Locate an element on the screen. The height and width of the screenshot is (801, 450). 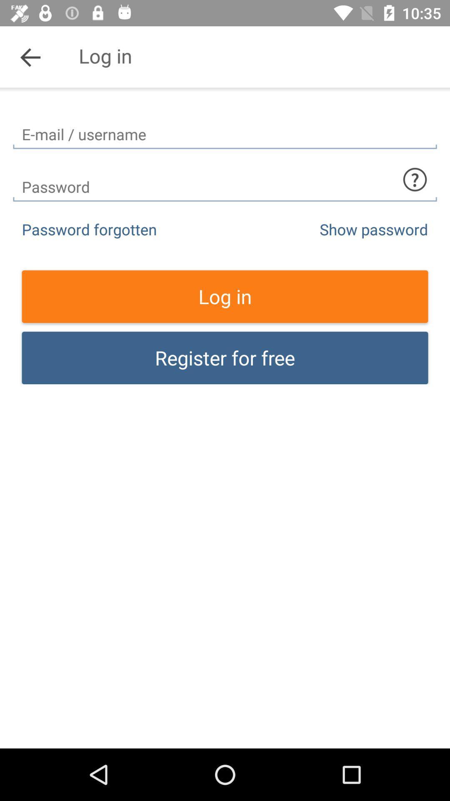
what to type in section is located at coordinates (415, 179).